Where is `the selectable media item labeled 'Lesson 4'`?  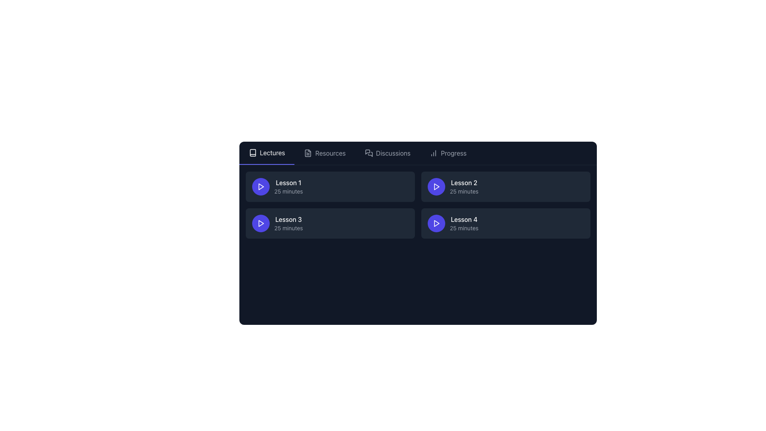 the selectable media item labeled 'Lesson 4' is located at coordinates (505, 223).